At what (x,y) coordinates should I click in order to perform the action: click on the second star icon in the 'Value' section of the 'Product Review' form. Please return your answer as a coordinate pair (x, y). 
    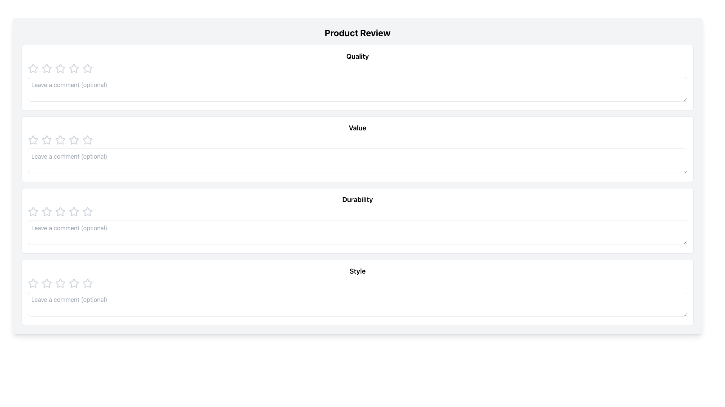
    Looking at the image, I should click on (60, 140).